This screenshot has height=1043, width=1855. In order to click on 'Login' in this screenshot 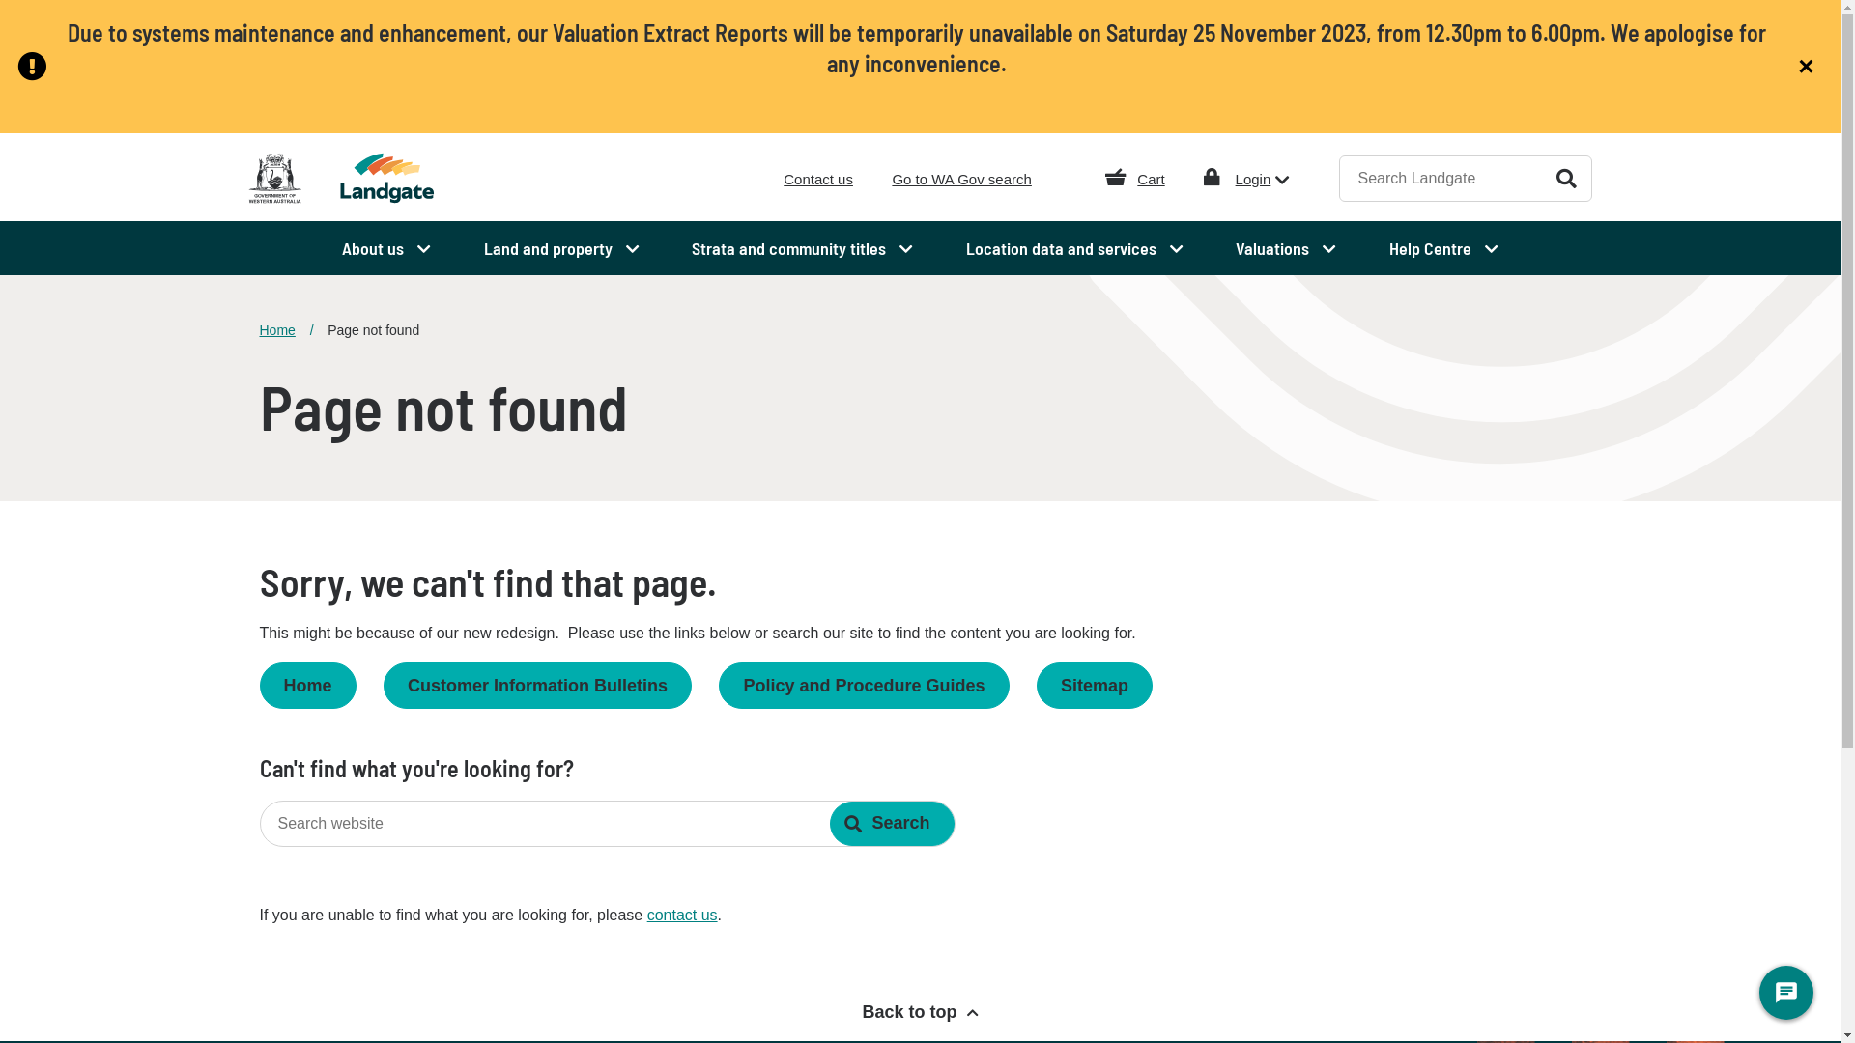, I will do `click(1263, 179)`.